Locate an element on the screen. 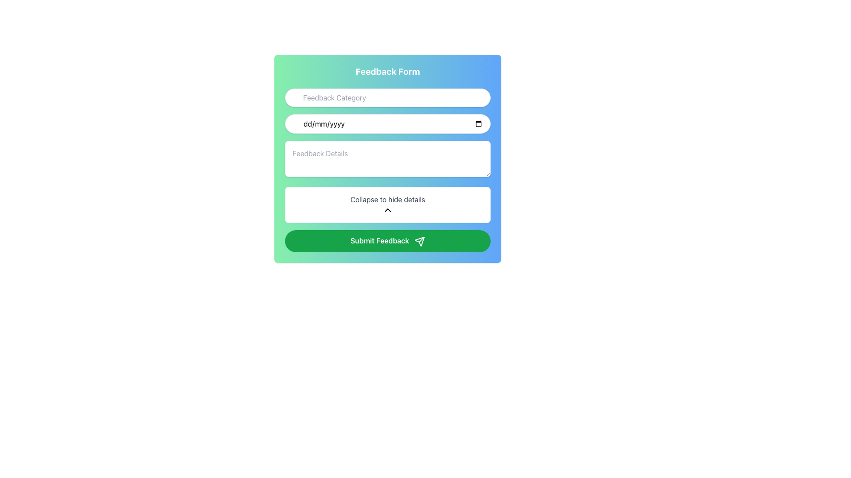  the Header Text displaying 'Feedback Form', which is bold and white, centered within a gradient background is located at coordinates (387, 71).